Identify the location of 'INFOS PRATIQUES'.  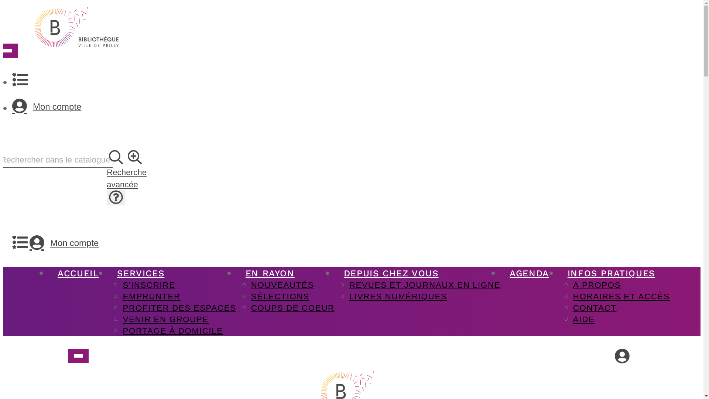
(611, 273).